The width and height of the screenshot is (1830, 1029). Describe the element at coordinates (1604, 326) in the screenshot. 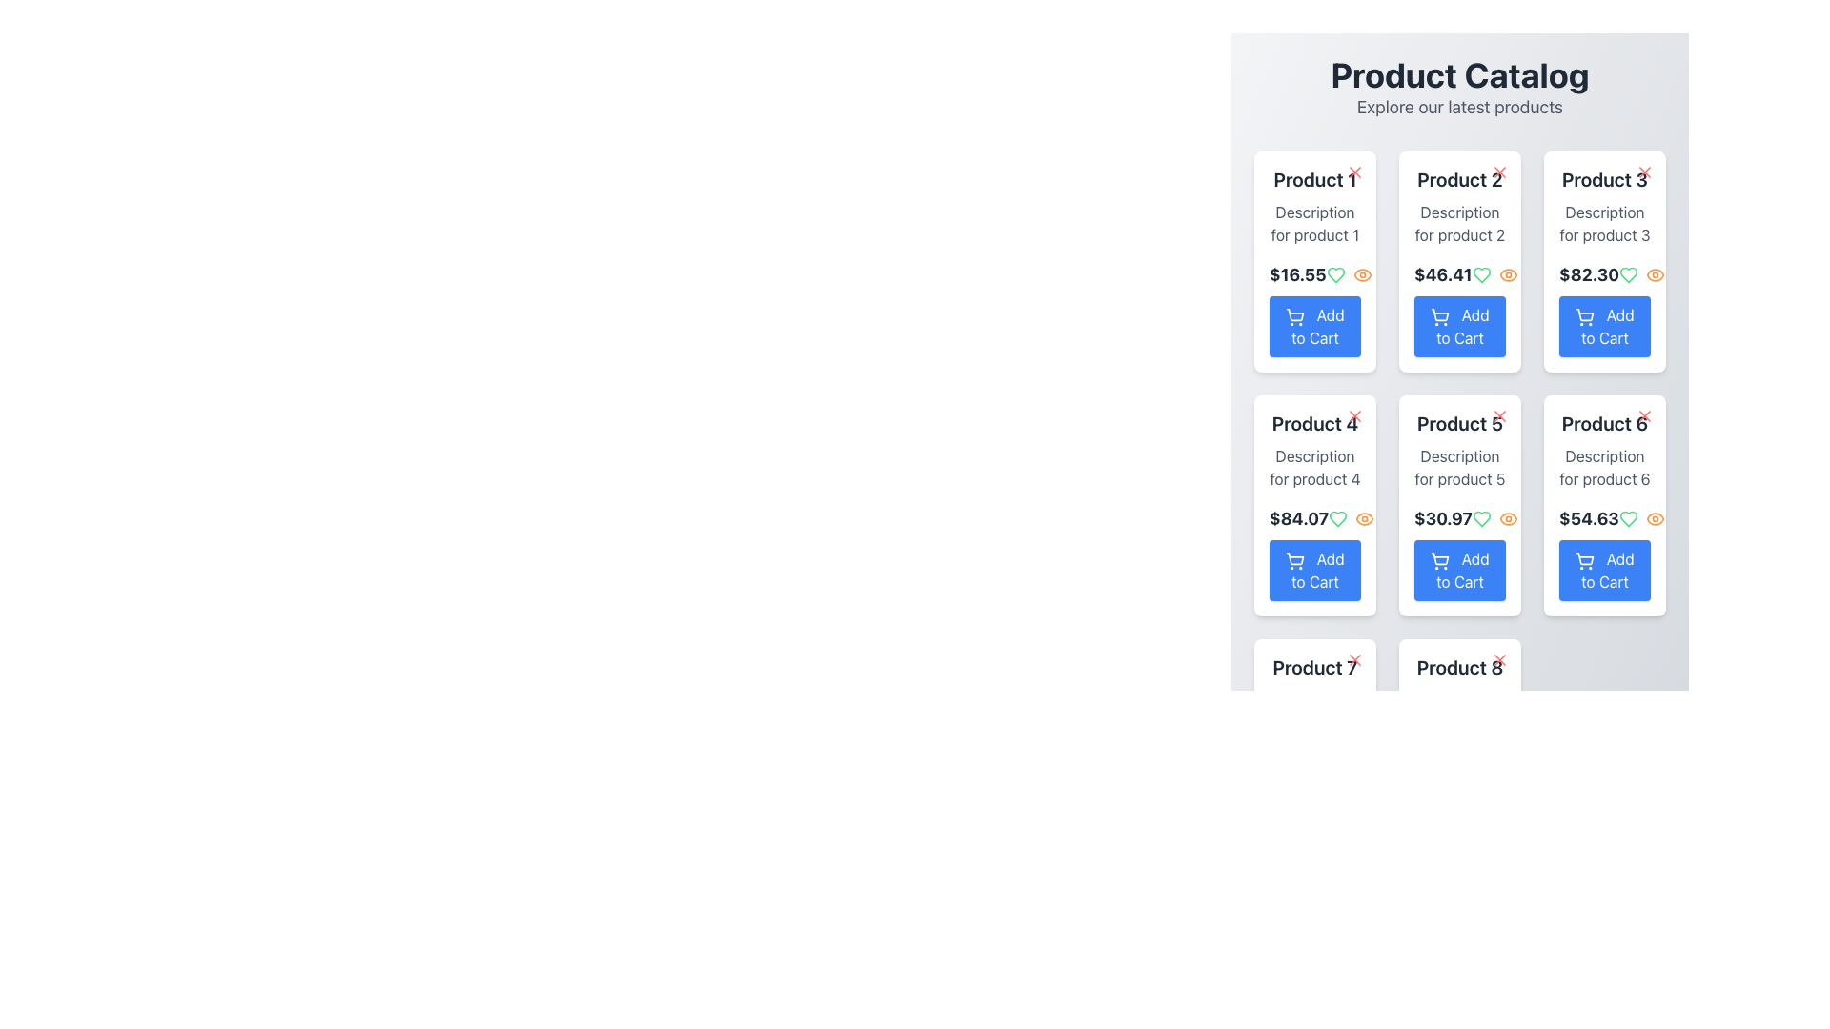

I see `the 'Add to Cart' button located in the lower portion of the 'Product 3' card, directly below the price of '$82.30'` at that location.